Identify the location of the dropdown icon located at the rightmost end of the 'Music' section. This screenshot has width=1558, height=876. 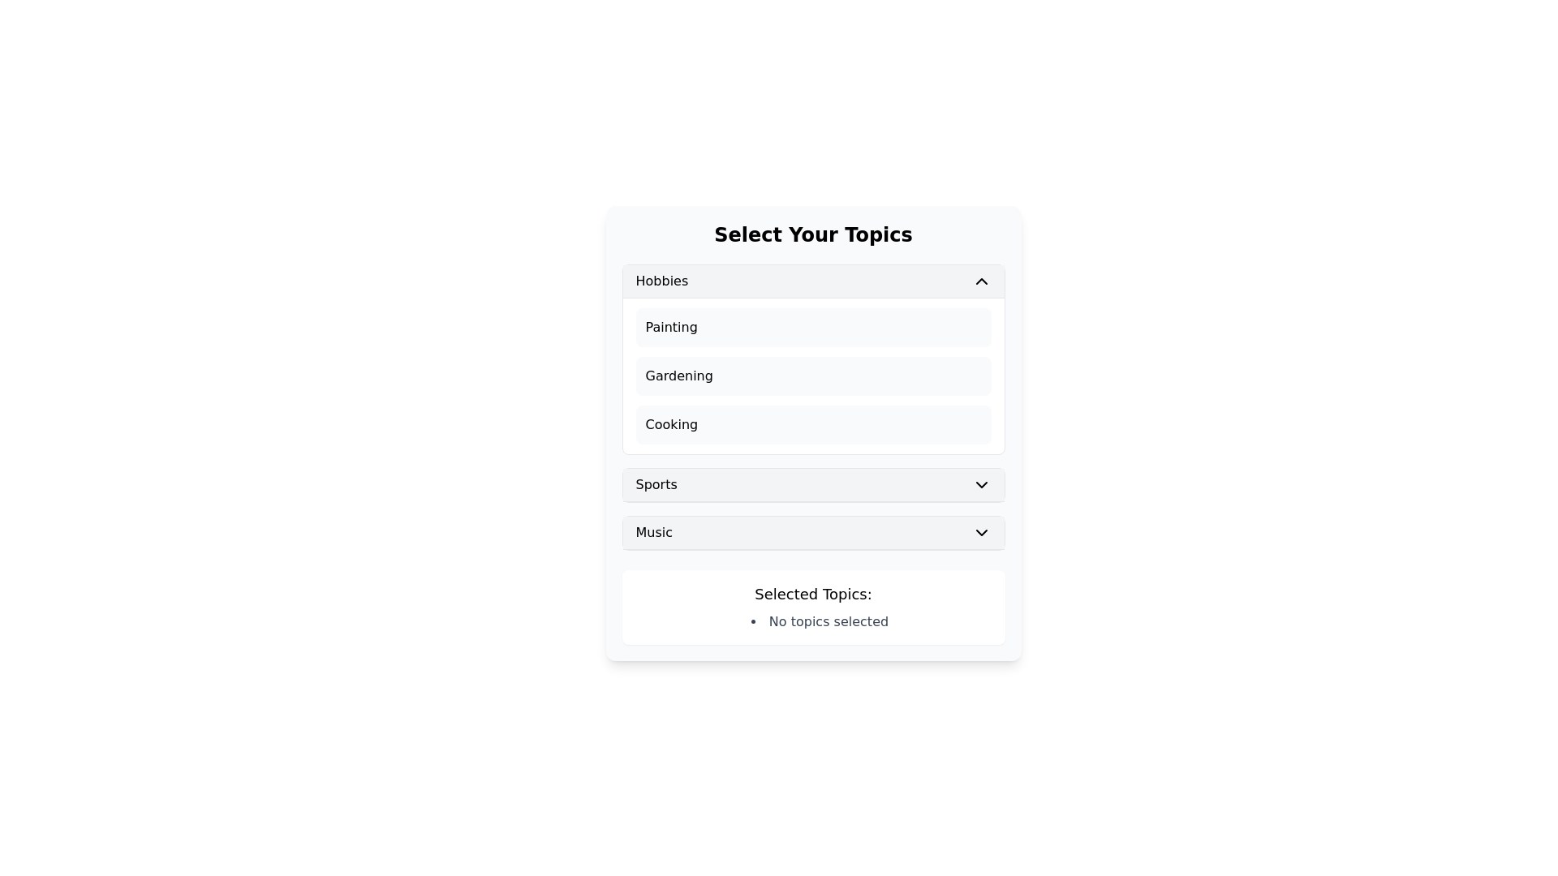
(980, 532).